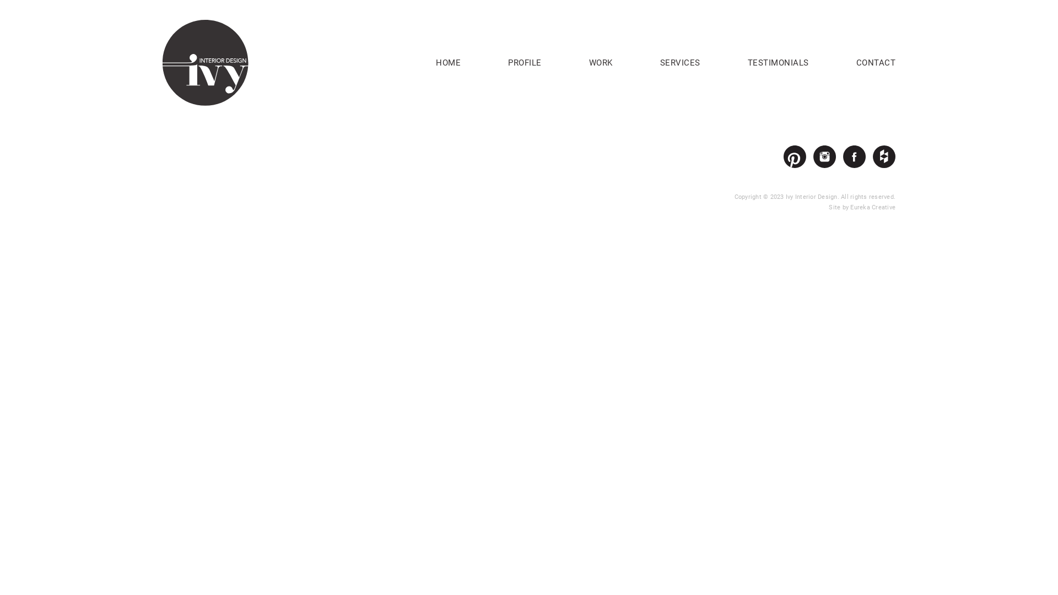 The width and height of the screenshot is (1058, 595). Describe the element at coordinates (206, 62) in the screenshot. I see `'Ivy Interior Design'` at that location.